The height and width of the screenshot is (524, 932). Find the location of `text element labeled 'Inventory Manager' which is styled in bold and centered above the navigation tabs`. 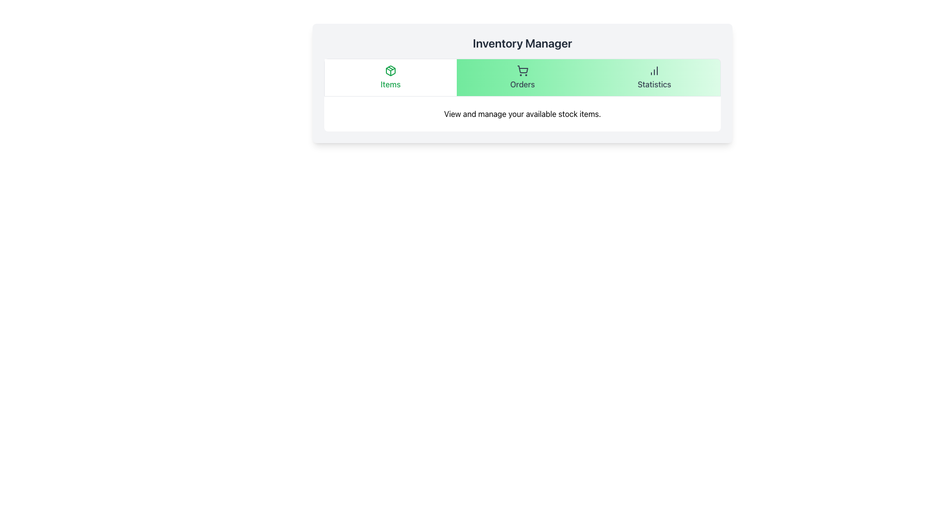

text element labeled 'Inventory Manager' which is styled in bold and centered above the navigation tabs is located at coordinates (522, 42).